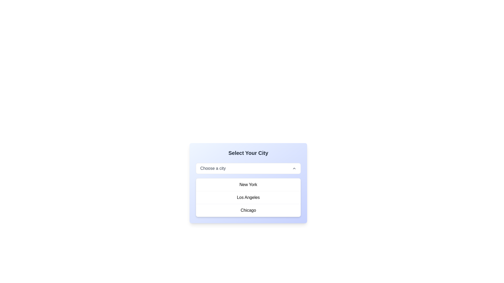 This screenshot has height=283, width=504. Describe the element at coordinates (248, 210) in the screenshot. I see `the list item labeled 'Chicago' within the dropdown menu` at that location.